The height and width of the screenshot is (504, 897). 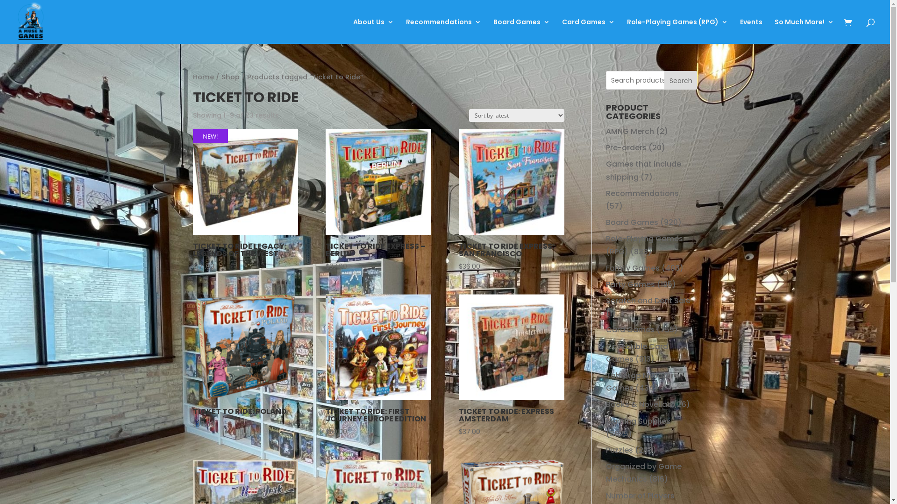 What do you see at coordinates (630, 131) in the screenshot?
I see `'AMNG Merch'` at bounding box center [630, 131].